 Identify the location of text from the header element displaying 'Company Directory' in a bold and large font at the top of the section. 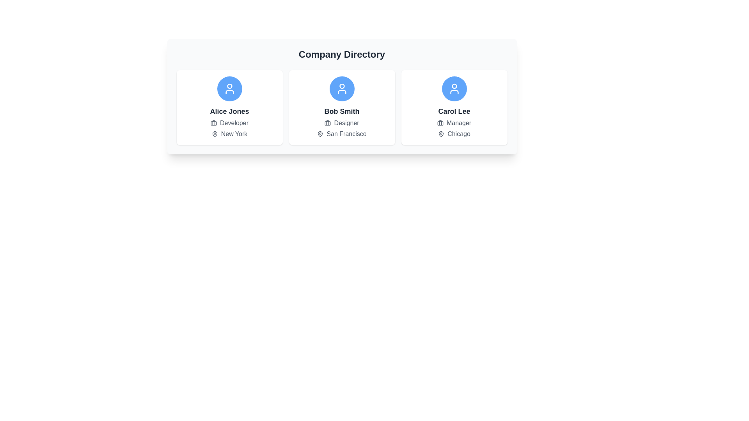
(342, 54).